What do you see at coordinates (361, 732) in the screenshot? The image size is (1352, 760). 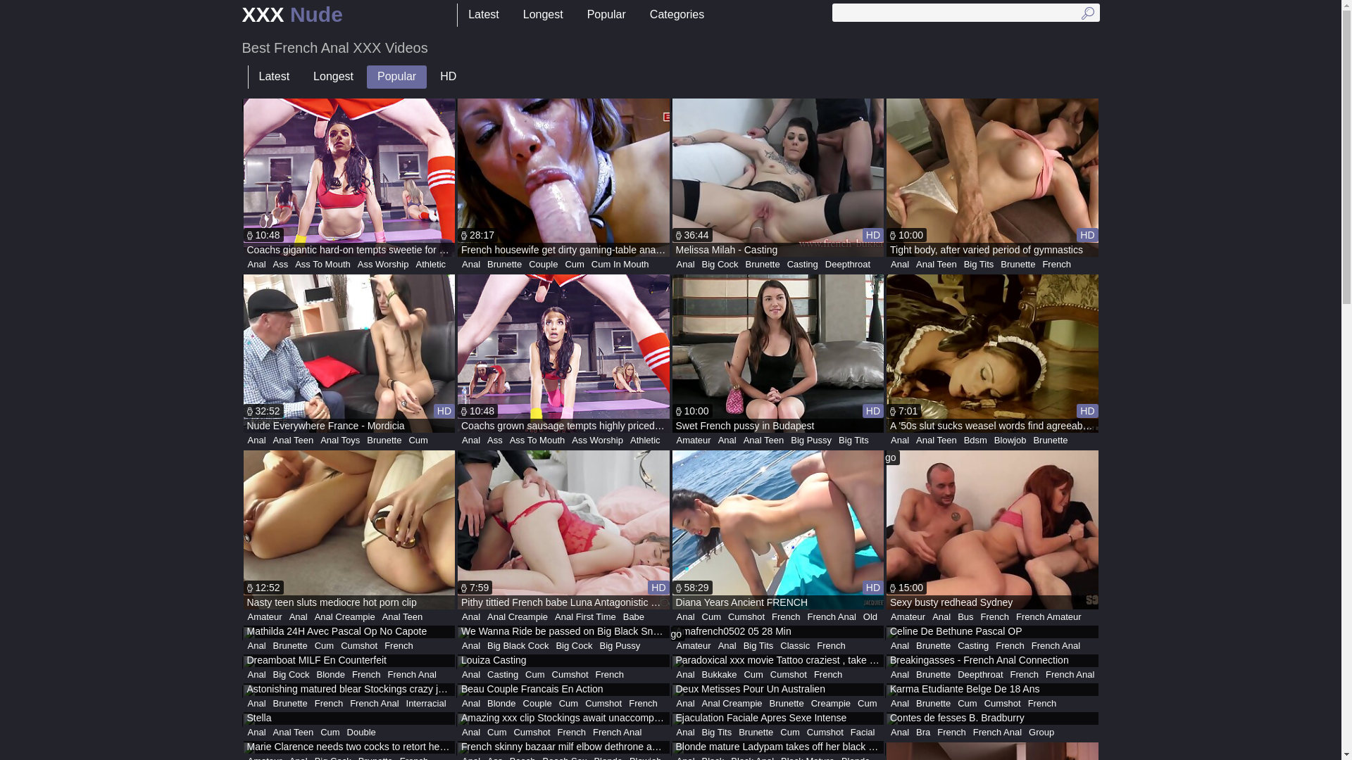 I see `'Double'` at bounding box center [361, 732].